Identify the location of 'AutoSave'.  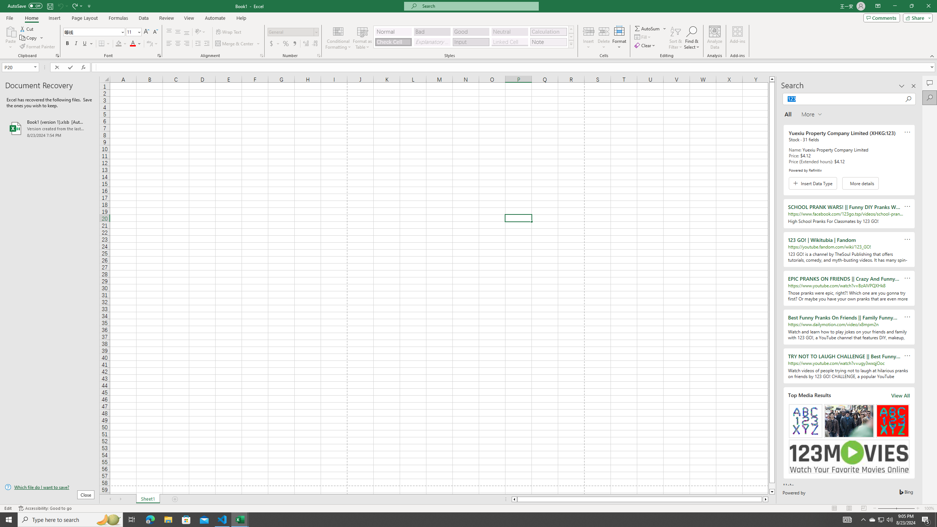
(25, 5).